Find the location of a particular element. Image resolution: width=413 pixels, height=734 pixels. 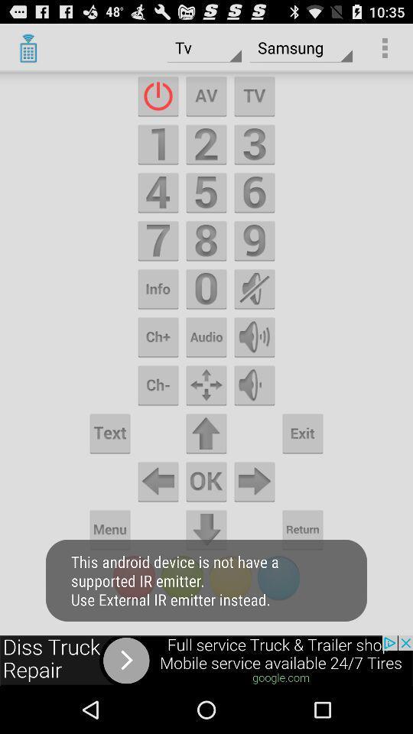

the arrow_downward icon is located at coordinates (206, 566).